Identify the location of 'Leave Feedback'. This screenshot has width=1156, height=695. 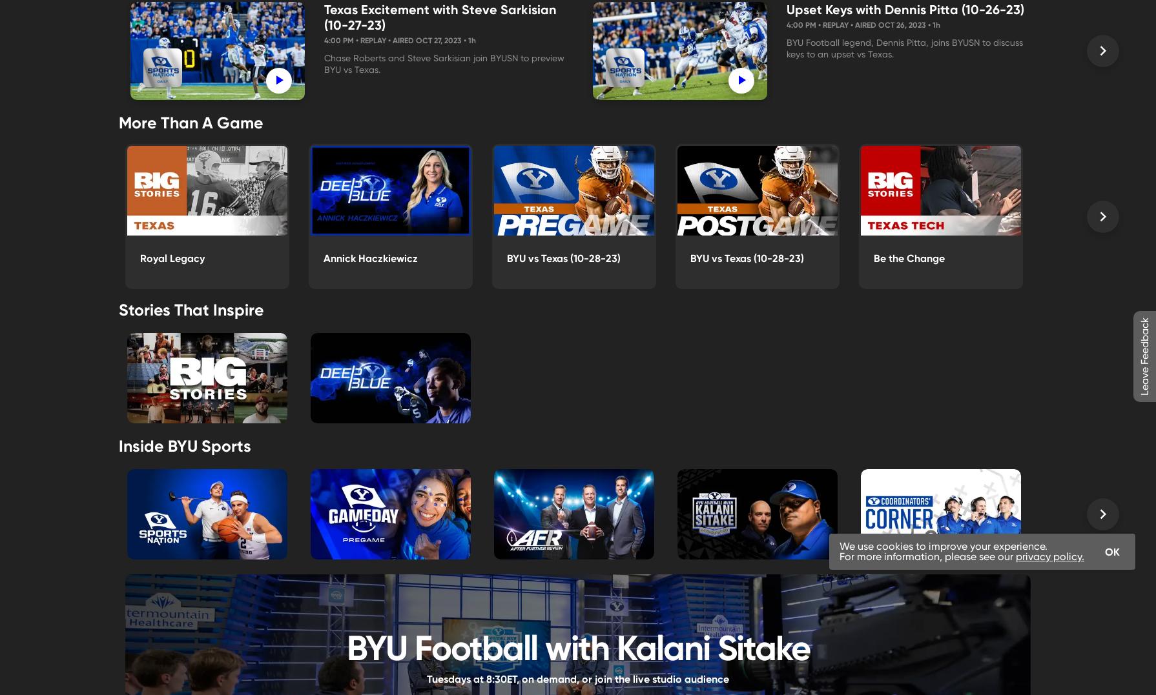
(1144, 356).